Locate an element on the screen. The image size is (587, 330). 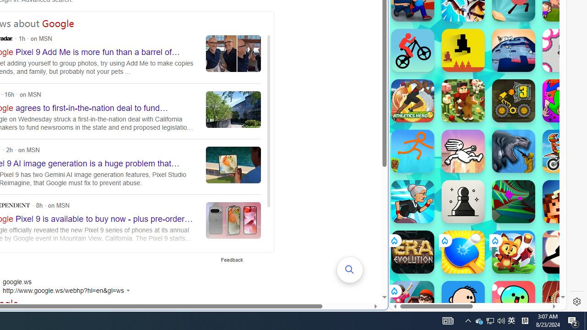
'JollyWorld JollyWorld' is located at coordinates (564, 100).